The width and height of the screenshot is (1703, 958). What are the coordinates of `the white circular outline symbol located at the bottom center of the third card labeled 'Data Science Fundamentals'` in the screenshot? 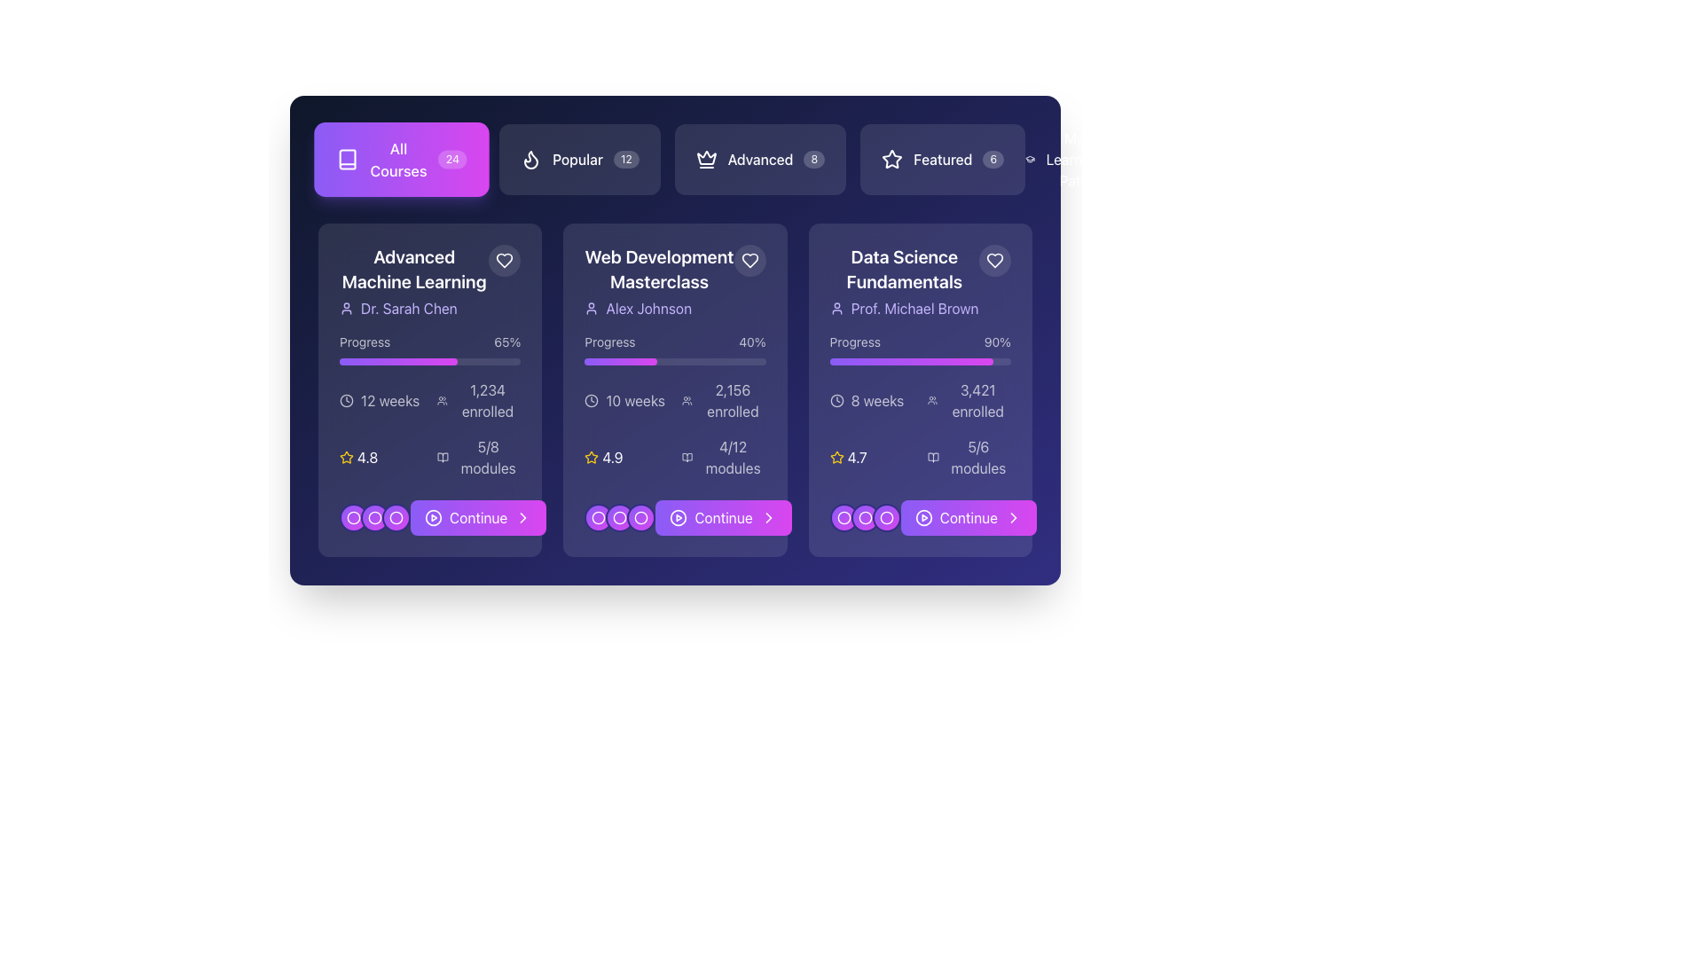 It's located at (865, 517).